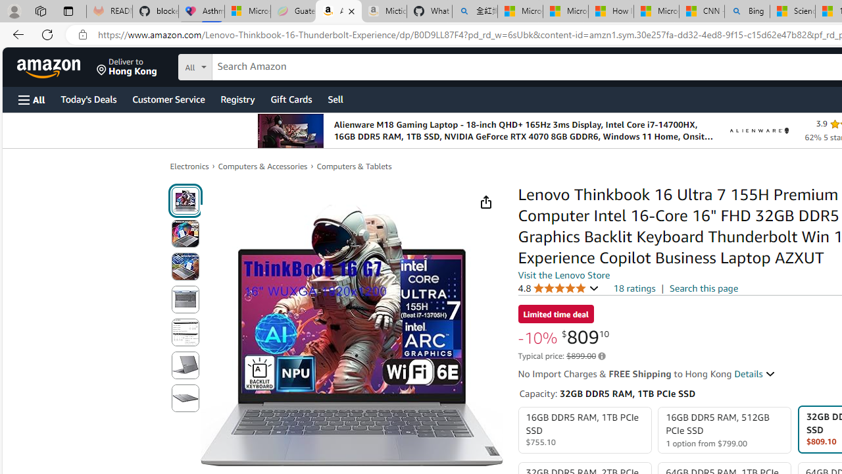  Describe the element at coordinates (263, 166) in the screenshot. I see `'Computers & Accessories'` at that location.